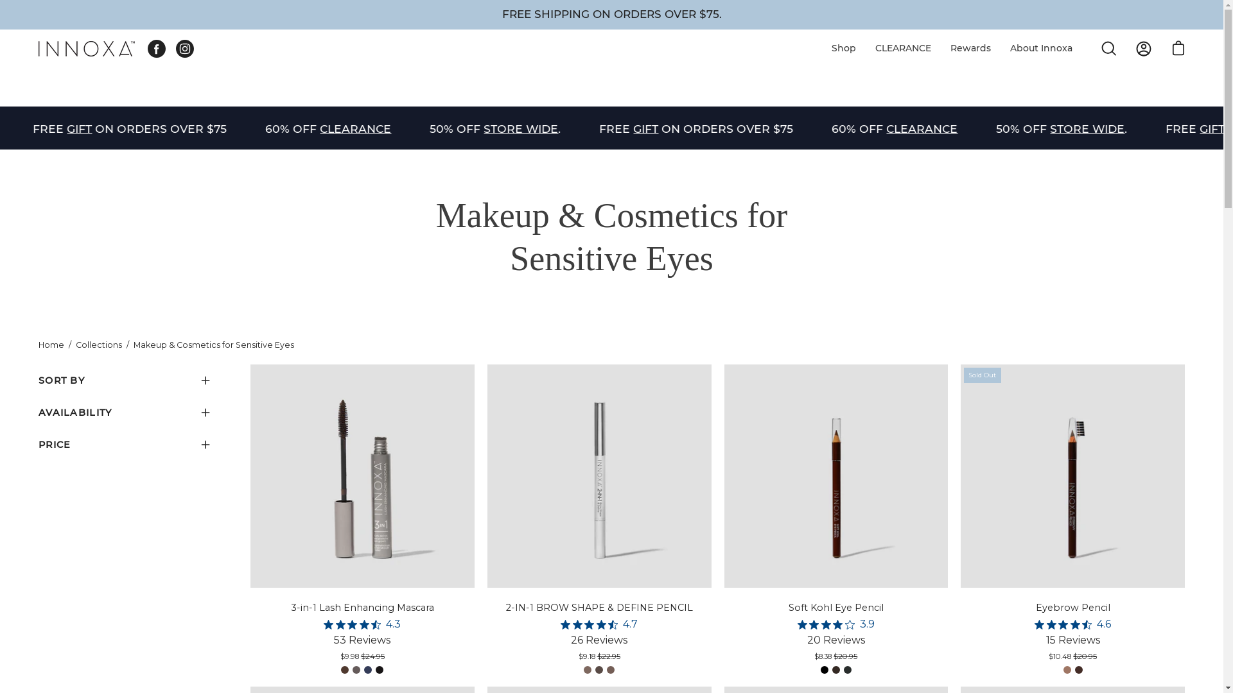 This screenshot has width=1233, height=693. I want to click on '3-in-1 Lash Enhancing Mascara', so click(362, 607).